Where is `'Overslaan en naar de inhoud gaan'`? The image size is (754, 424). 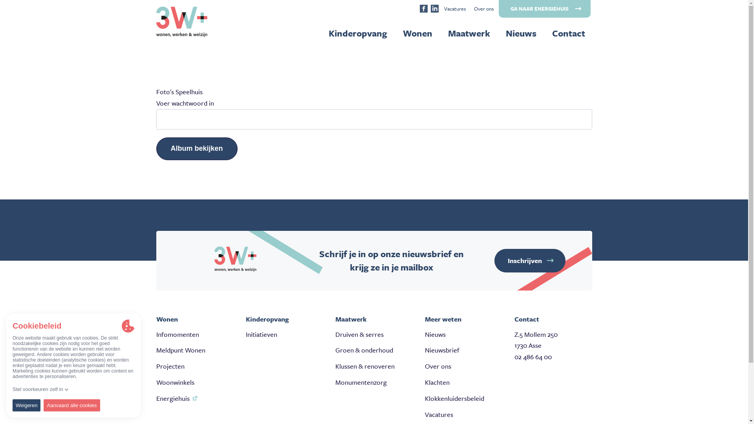 'Overslaan en naar de inhoud gaan' is located at coordinates (0, 0).